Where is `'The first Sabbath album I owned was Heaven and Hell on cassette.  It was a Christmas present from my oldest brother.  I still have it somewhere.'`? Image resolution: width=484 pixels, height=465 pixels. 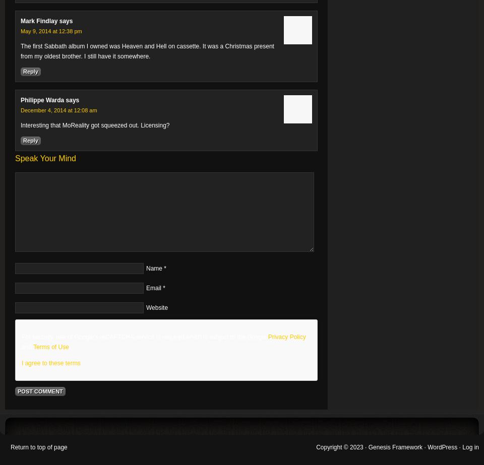 'The first Sabbath album I owned was Heaven and Hell on cassette.  It was a Christmas present from my oldest brother.  I still have it somewhere.' is located at coordinates (147, 51).